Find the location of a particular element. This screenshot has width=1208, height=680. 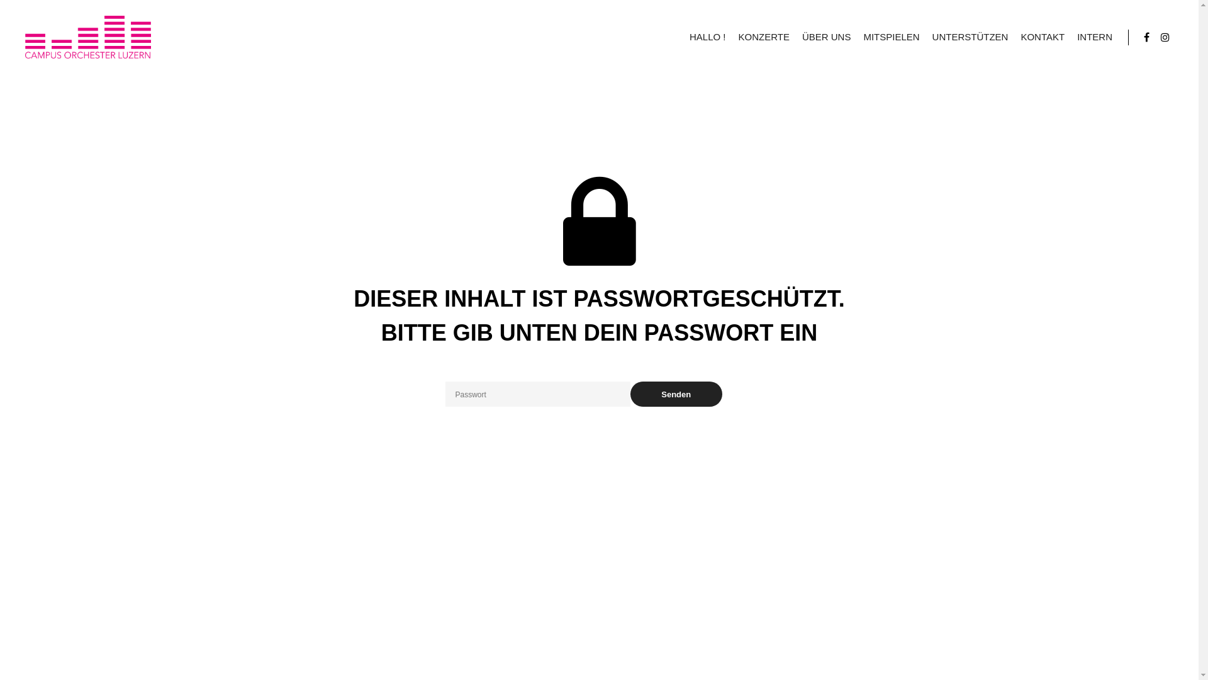

'Instagram' is located at coordinates (1165, 36).